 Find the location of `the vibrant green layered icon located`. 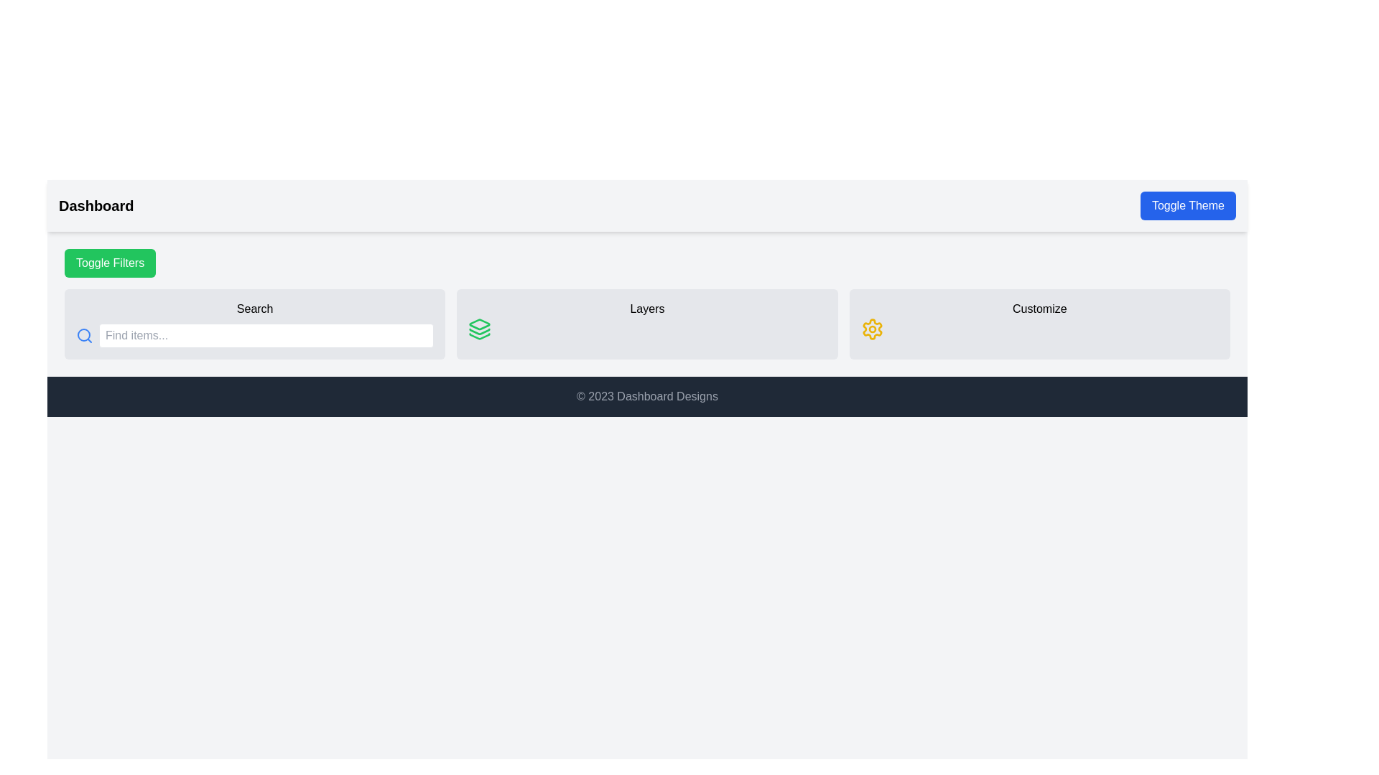

the vibrant green layered icon located is located at coordinates (479, 329).